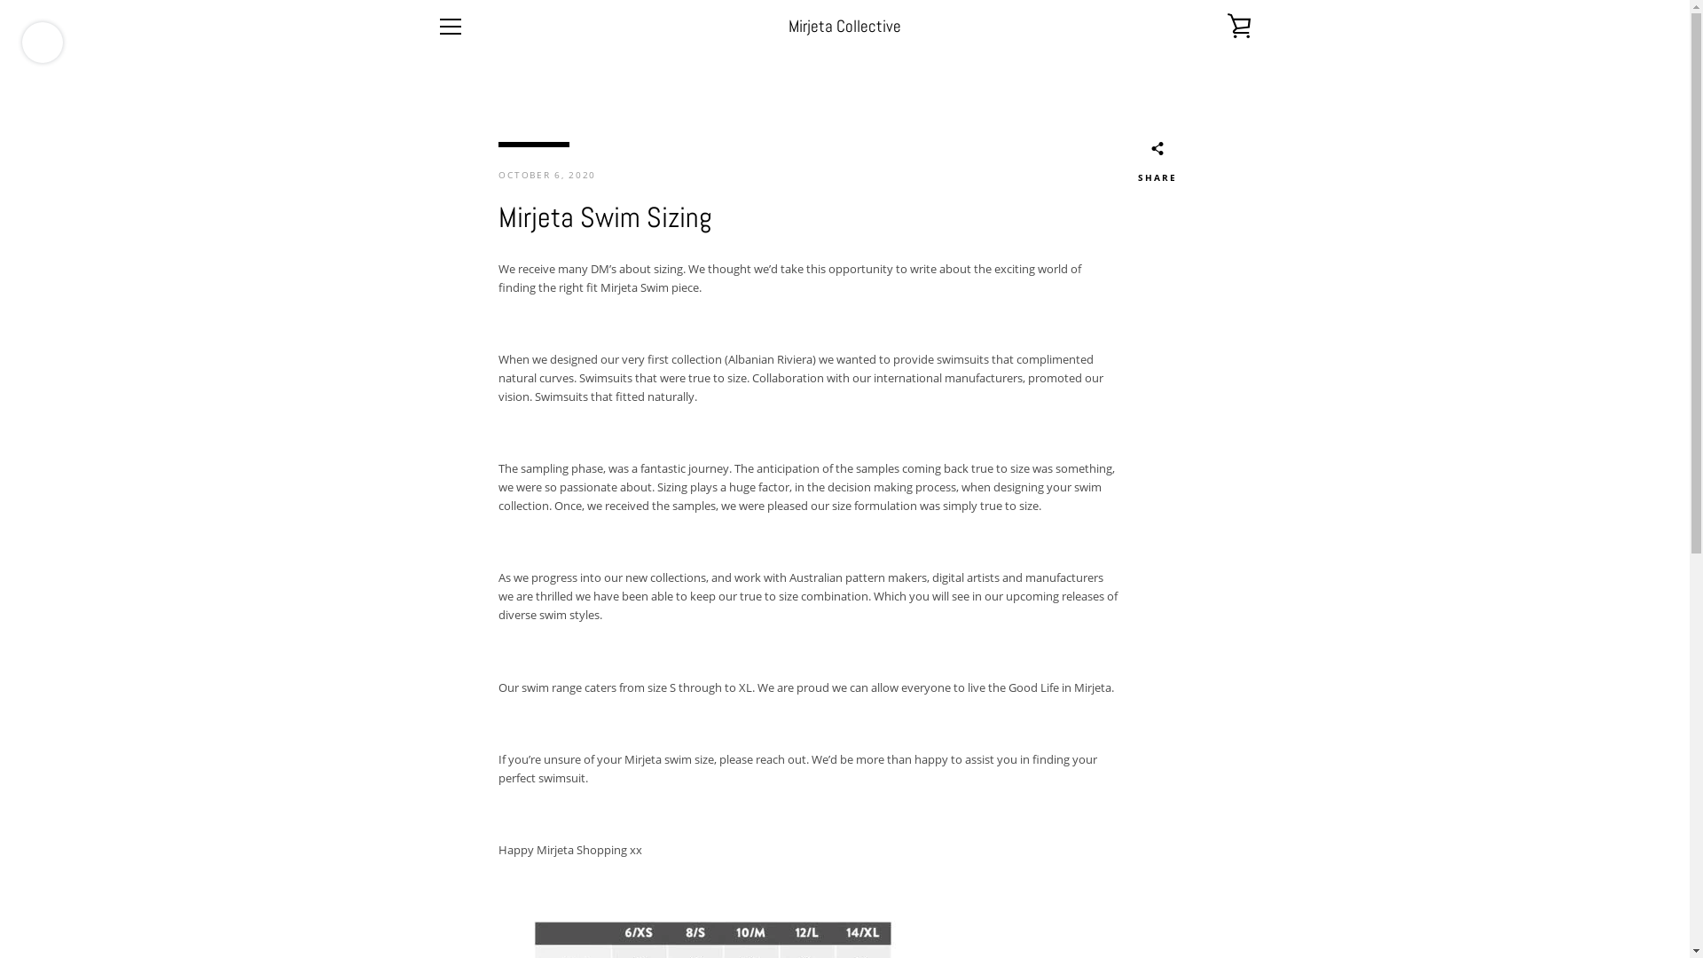  What do you see at coordinates (467, 895) in the screenshot?
I see `'Instagram'` at bounding box center [467, 895].